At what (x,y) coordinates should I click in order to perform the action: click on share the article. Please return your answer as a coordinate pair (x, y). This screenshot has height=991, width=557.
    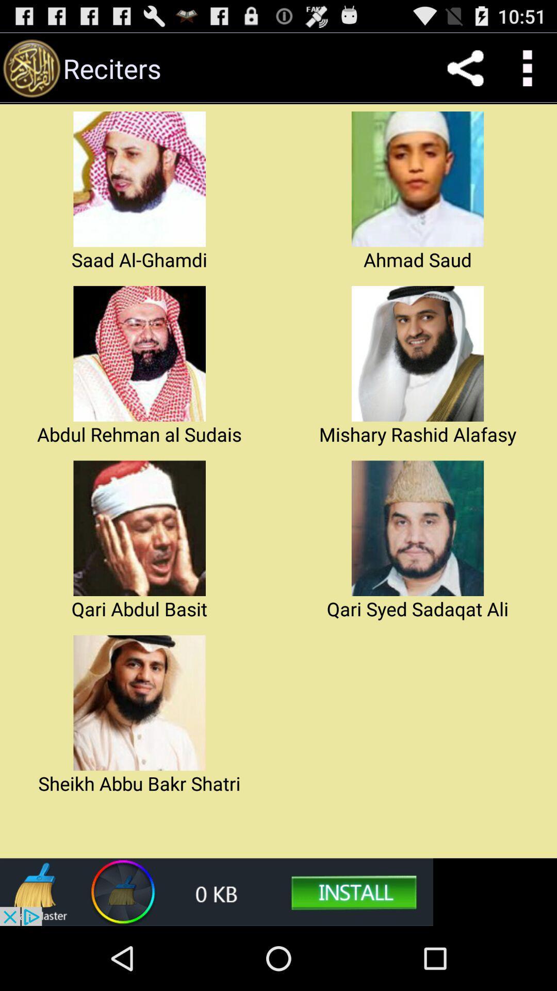
    Looking at the image, I should click on (465, 68).